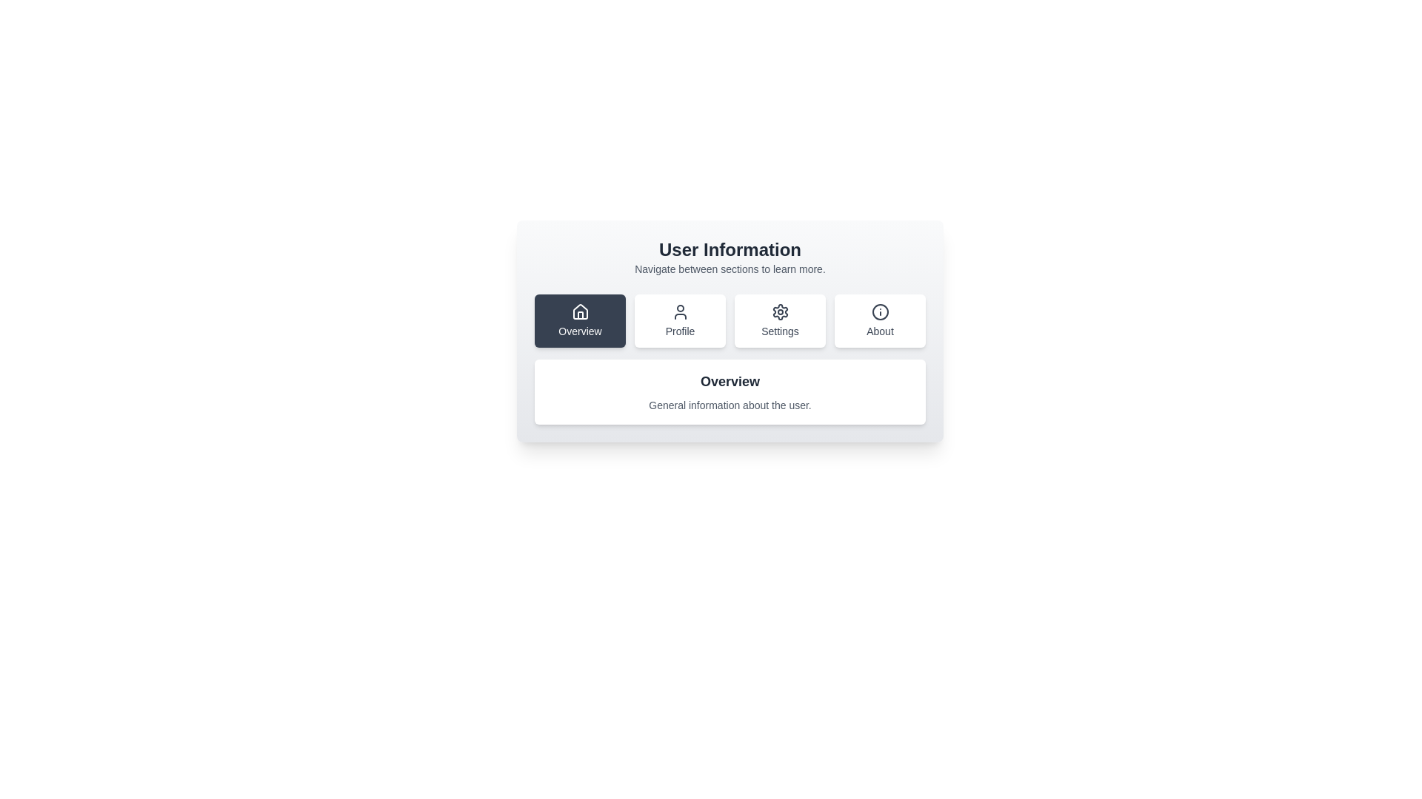 This screenshot has width=1422, height=799. Describe the element at coordinates (880, 311) in the screenshot. I see `the informational icon located in the 'About' section, which is centered above the 'About' text label` at that location.